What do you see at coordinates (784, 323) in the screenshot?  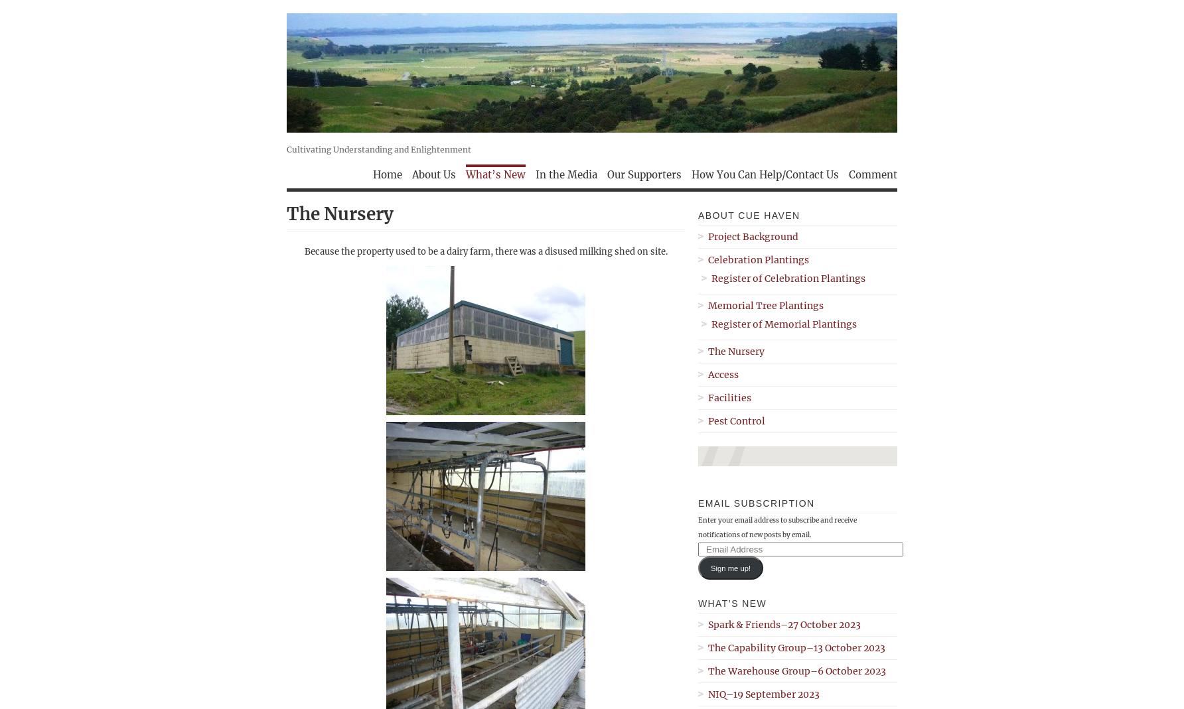 I see `'Register of Memorial Plantings'` at bounding box center [784, 323].